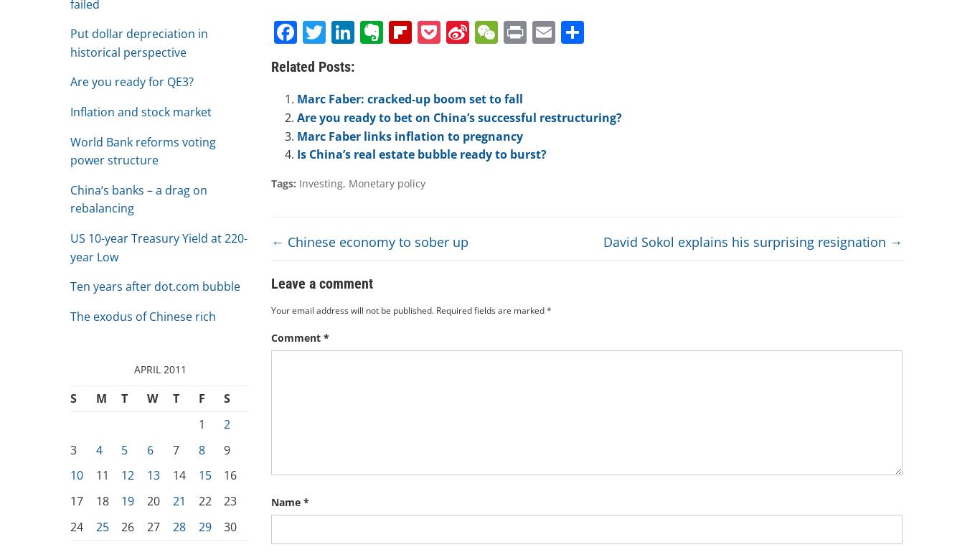  What do you see at coordinates (354, 88) in the screenshot?
I see `'LinkedIn'` at bounding box center [354, 88].